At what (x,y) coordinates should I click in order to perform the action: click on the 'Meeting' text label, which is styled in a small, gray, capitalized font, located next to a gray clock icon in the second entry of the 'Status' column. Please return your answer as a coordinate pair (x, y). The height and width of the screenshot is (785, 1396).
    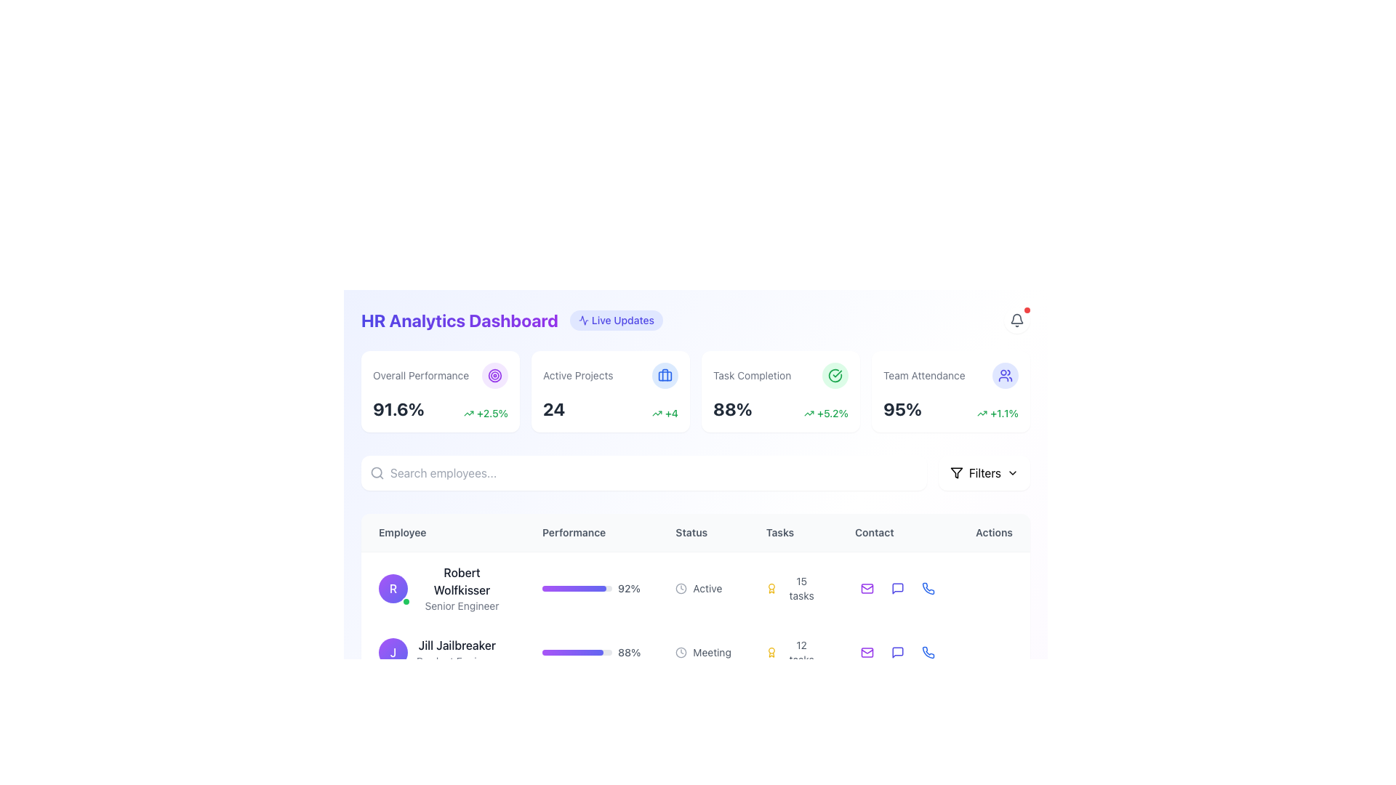
    Looking at the image, I should click on (712, 652).